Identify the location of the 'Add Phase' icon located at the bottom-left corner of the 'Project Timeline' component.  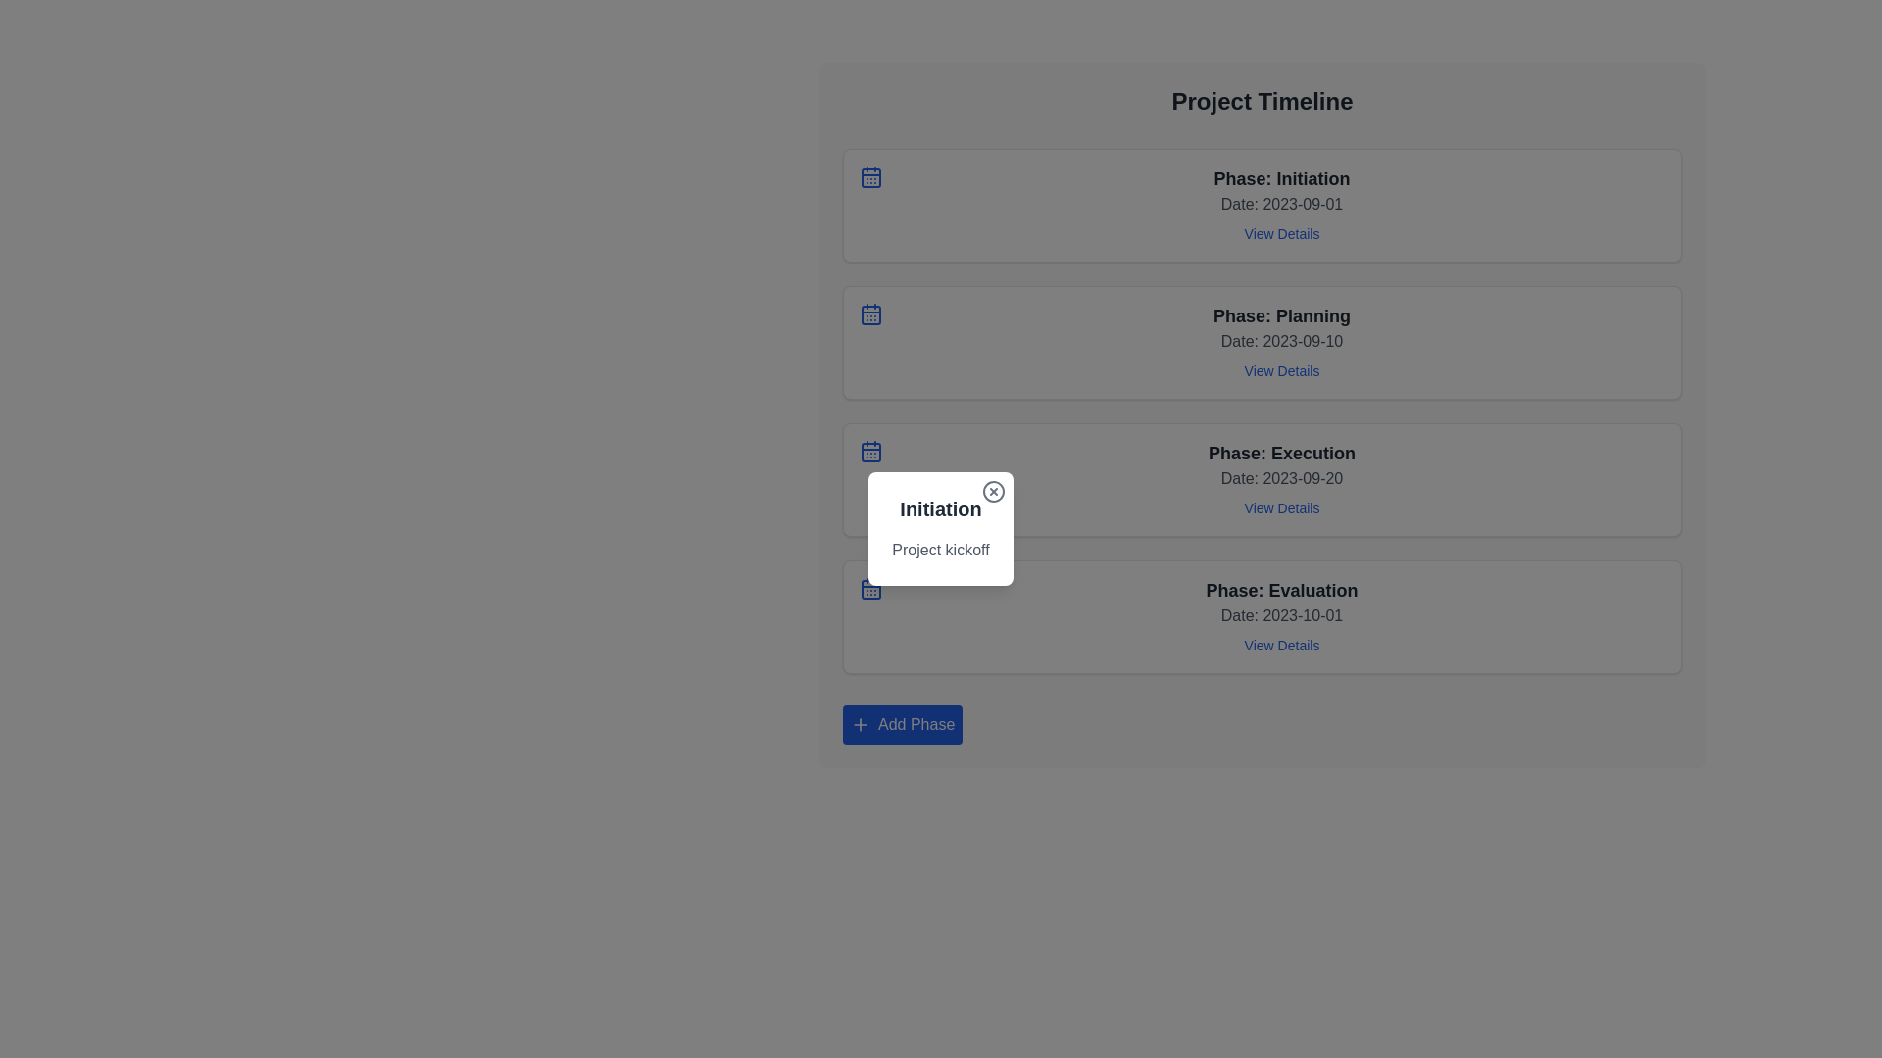
(861, 725).